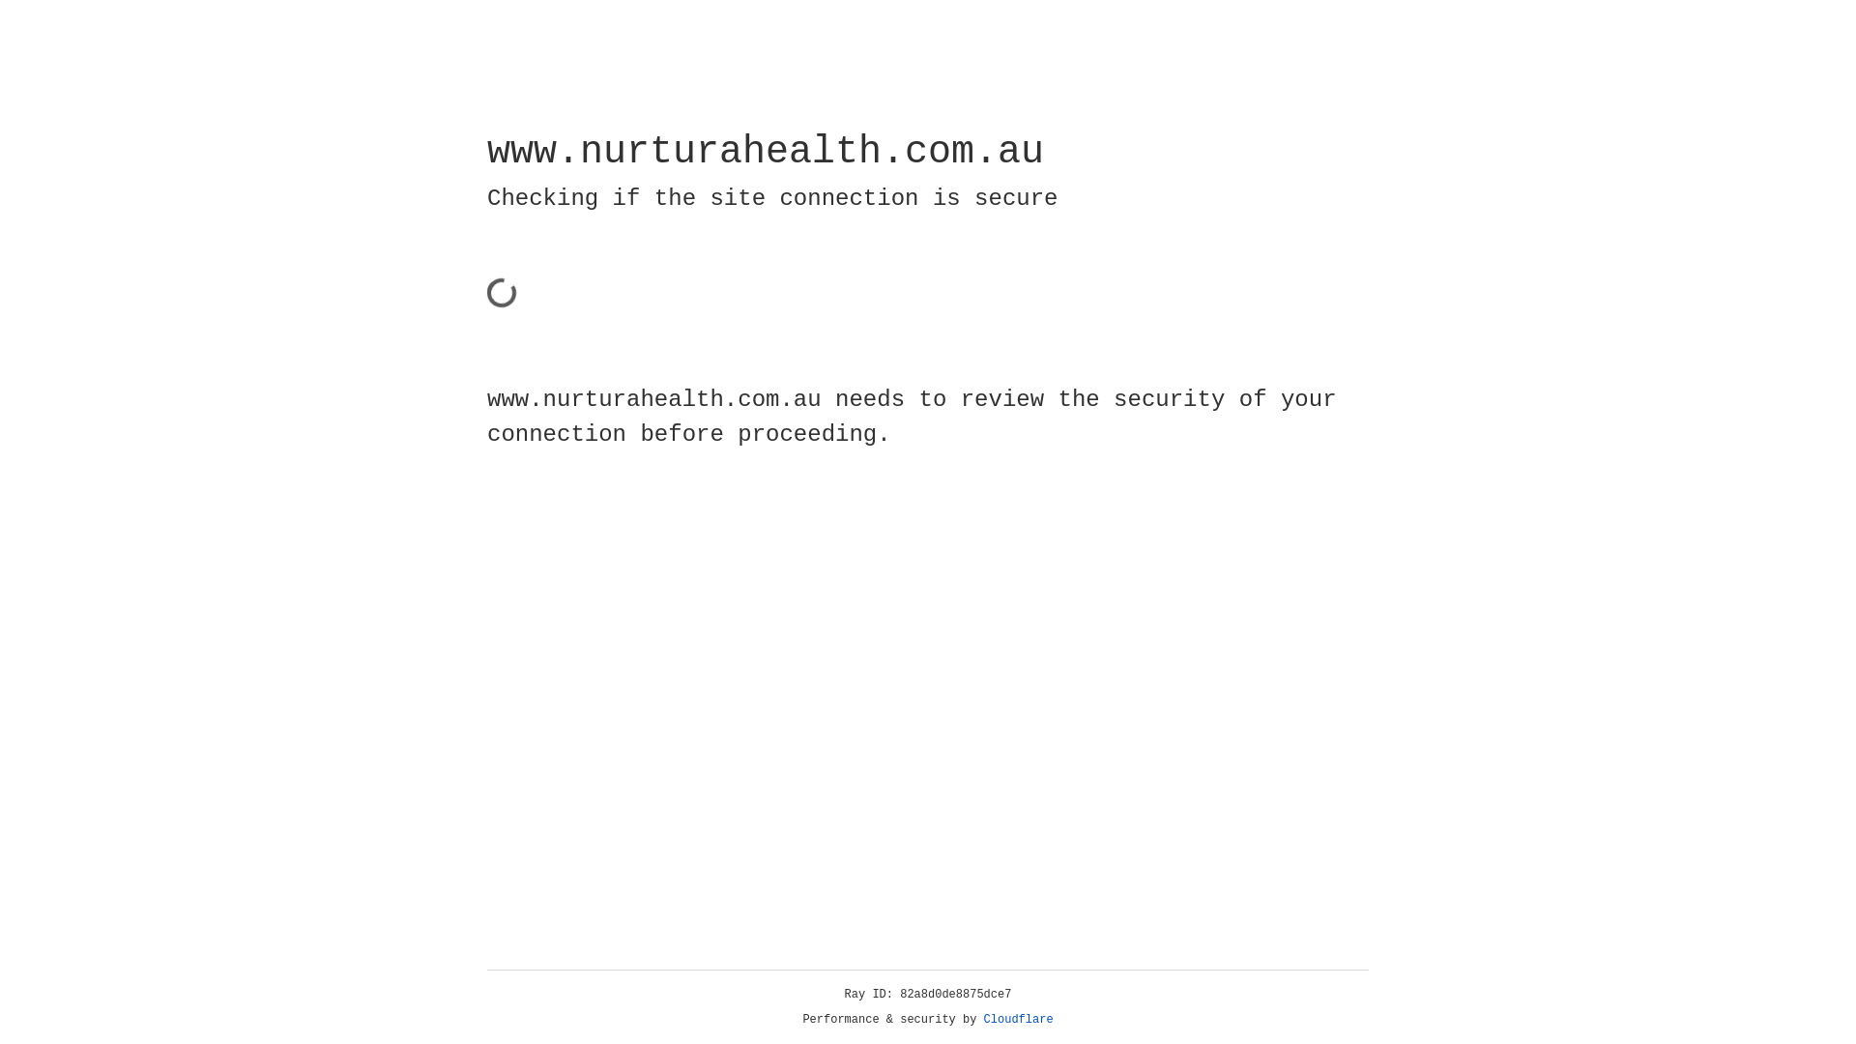 The height and width of the screenshot is (1044, 1856). Describe the element at coordinates (1018, 1019) in the screenshot. I see `'Cloudflare'` at that location.